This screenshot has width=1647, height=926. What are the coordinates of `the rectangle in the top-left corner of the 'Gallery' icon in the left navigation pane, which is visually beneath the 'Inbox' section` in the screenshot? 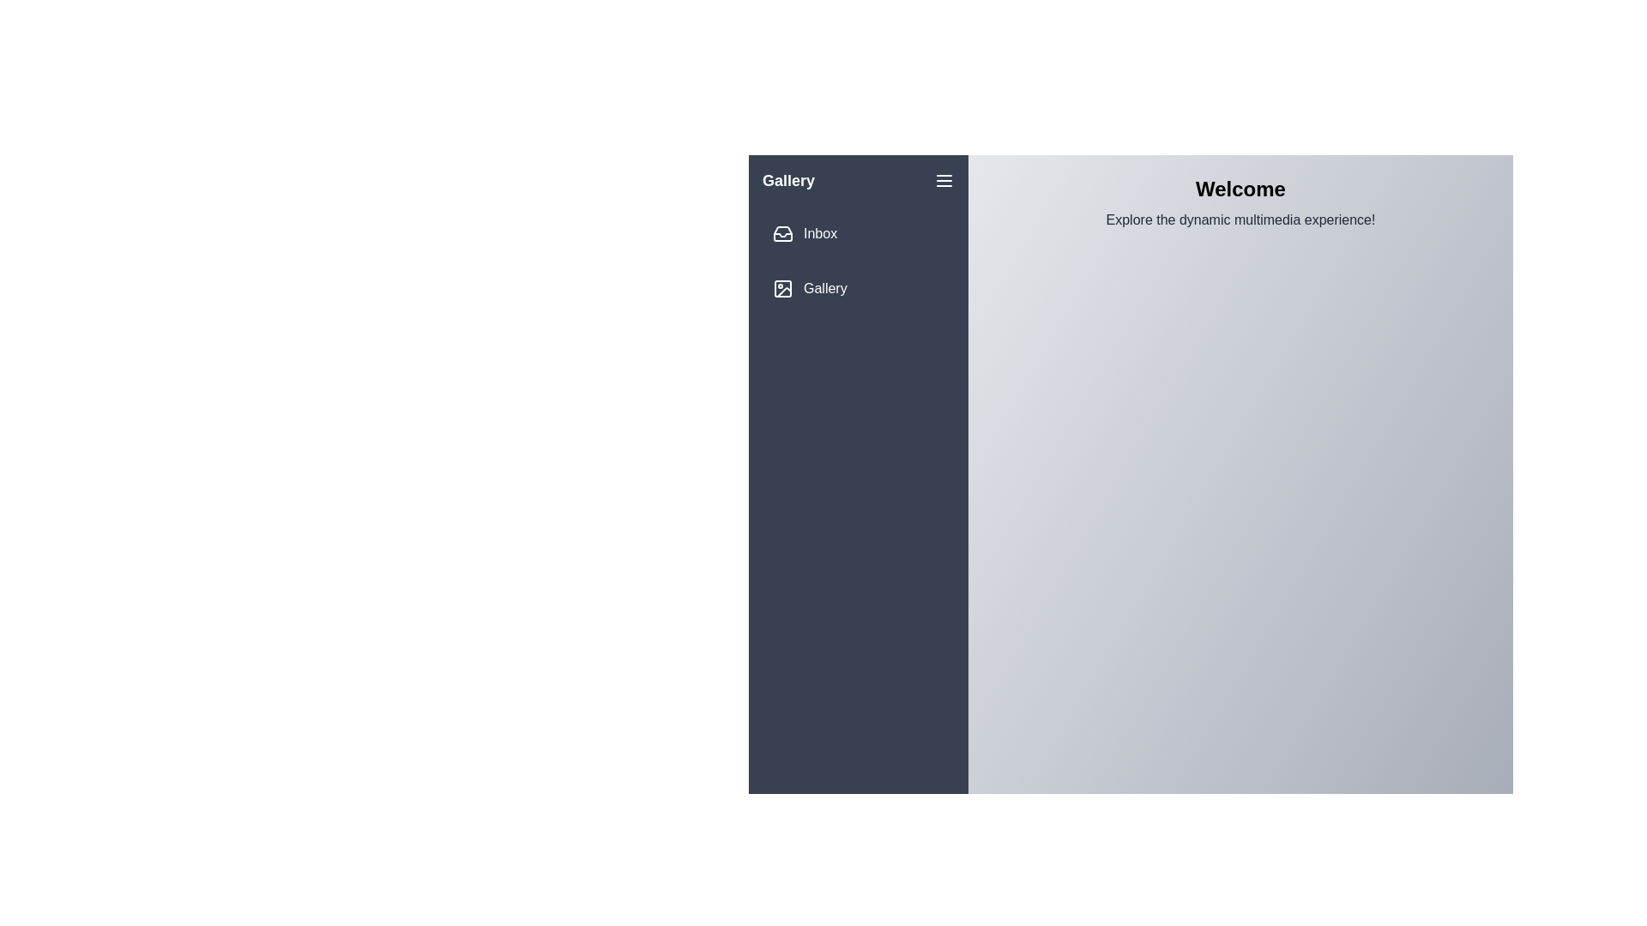 It's located at (781, 287).